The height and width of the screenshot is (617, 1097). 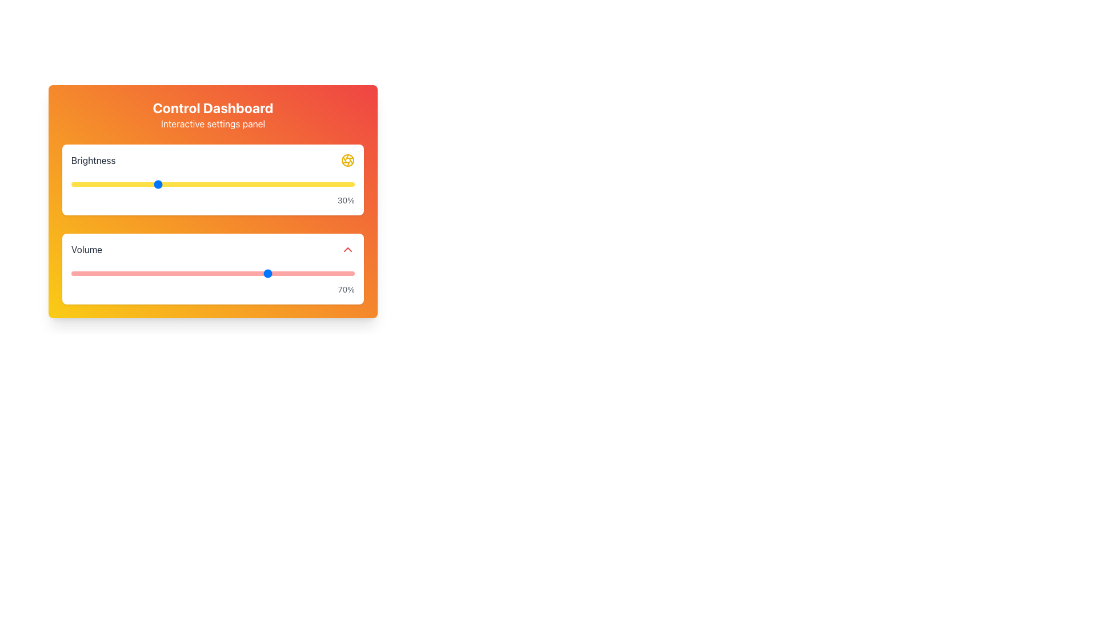 What do you see at coordinates (202, 184) in the screenshot?
I see `brightness` at bounding box center [202, 184].